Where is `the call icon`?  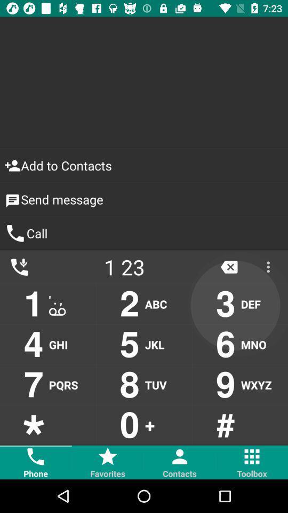 the call icon is located at coordinates (19, 266).